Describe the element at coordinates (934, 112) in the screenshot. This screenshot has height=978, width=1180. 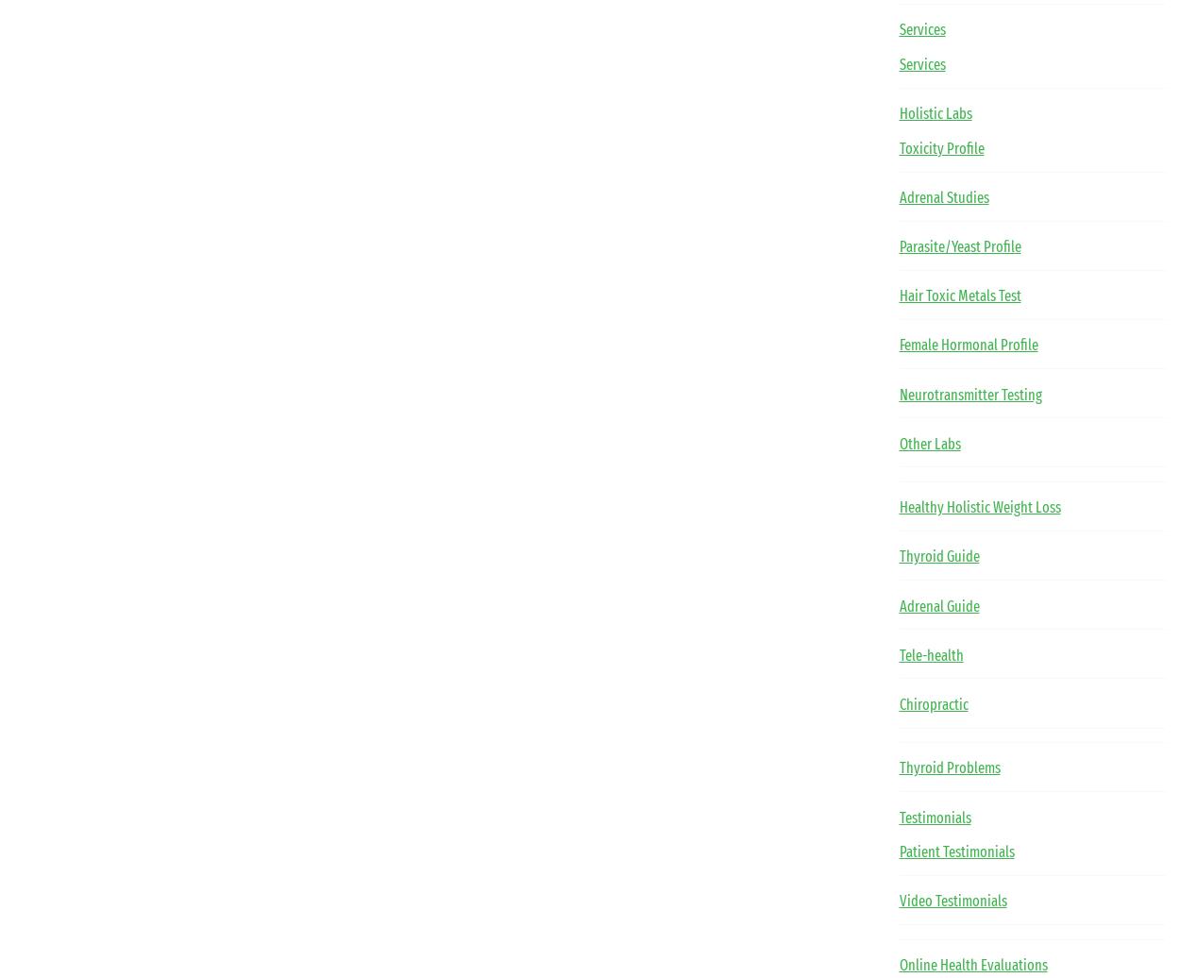
I see `'Holistic Labs'` at that location.